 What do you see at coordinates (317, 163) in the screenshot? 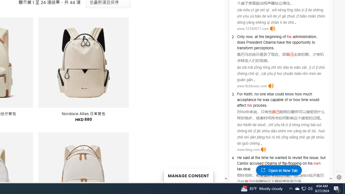
I see `'own'` at bounding box center [317, 163].